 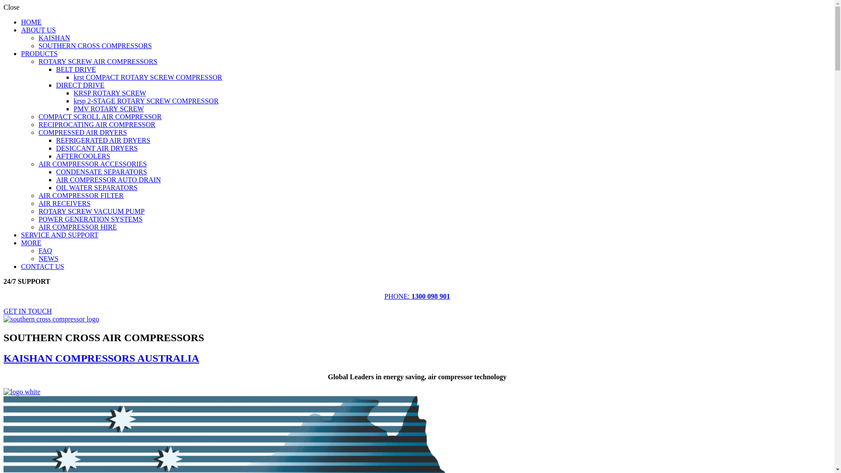 I want to click on 'AIR COMPRESSOR FILTER', so click(x=38, y=195).